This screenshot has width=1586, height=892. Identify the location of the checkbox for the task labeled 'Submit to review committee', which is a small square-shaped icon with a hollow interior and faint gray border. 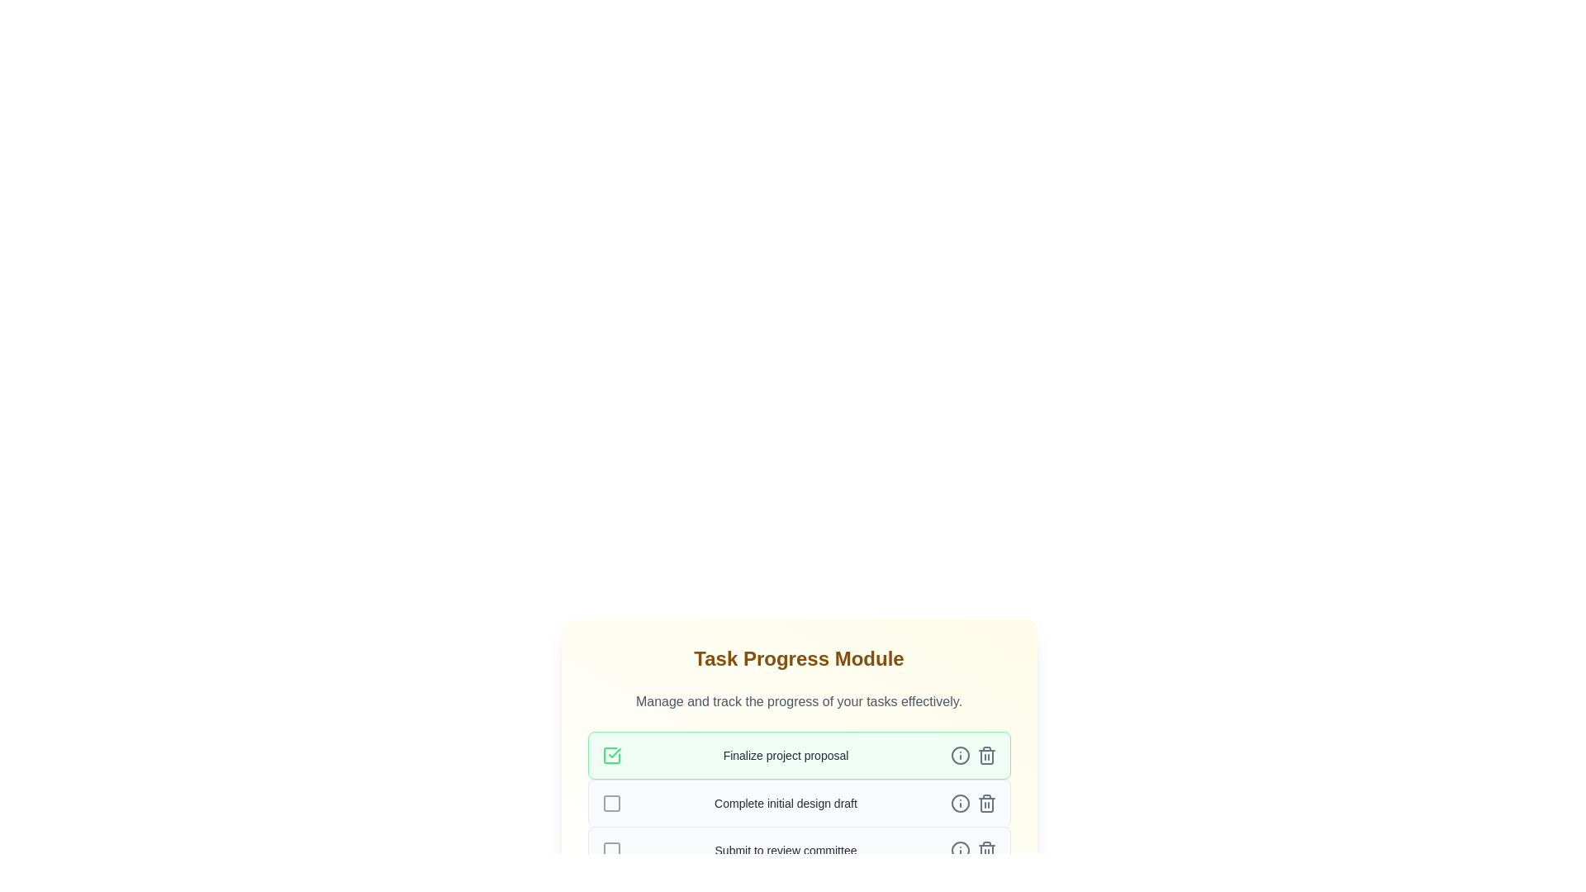
(610, 850).